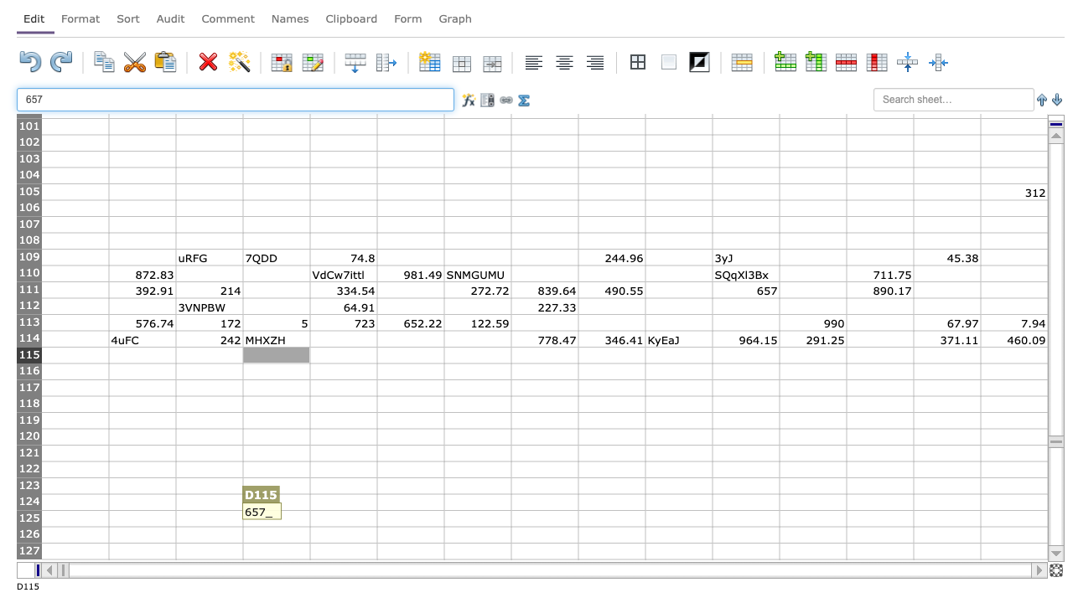 This screenshot has height=603, width=1073. Describe the element at coordinates (410, 518) in the screenshot. I see `Place cursor in F125` at that location.